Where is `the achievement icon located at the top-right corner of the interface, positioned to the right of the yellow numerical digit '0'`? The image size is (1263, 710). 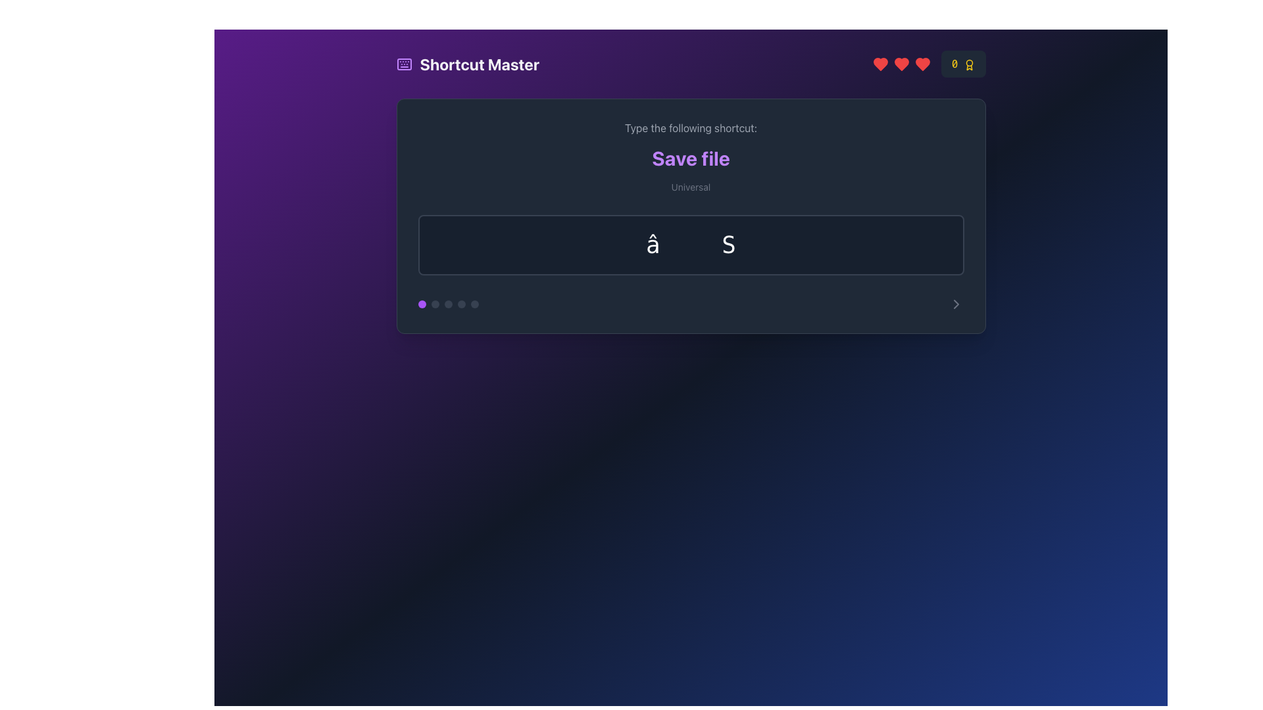
the achievement icon located at the top-right corner of the interface, positioned to the right of the yellow numerical digit '0' is located at coordinates (969, 64).